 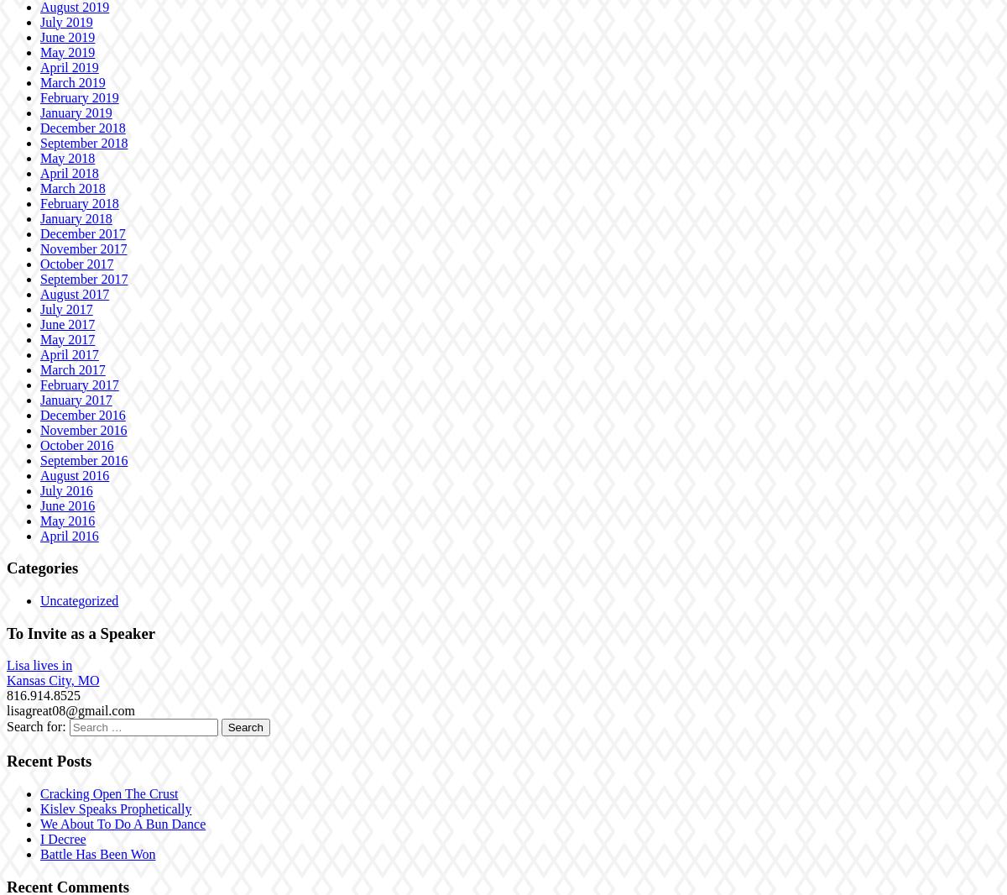 What do you see at coordinates (65, 308) in the screenshot?
I see `'July 2017'` at bounding box center [65, 308].